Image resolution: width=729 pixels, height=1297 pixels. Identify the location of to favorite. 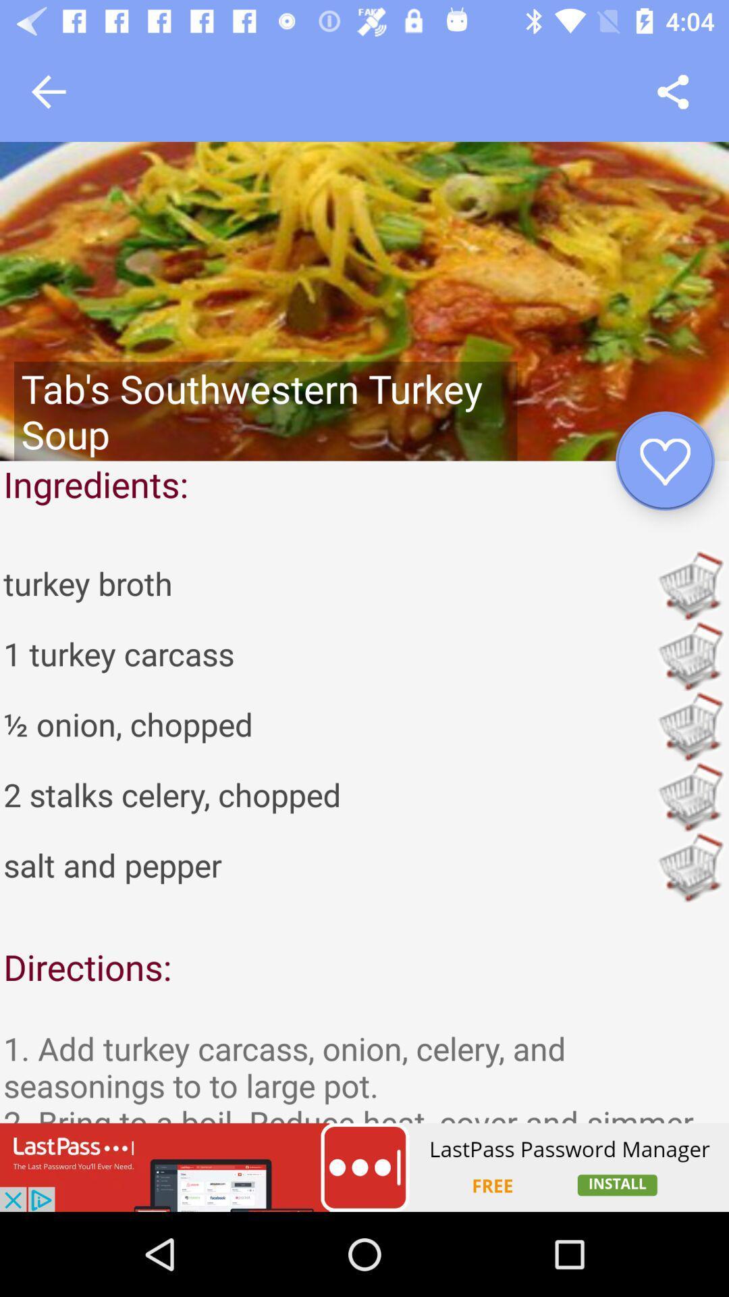
(664, 461).